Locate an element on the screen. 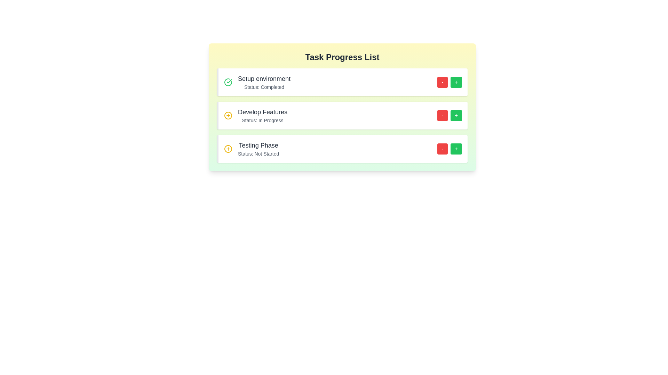 This screenshot has height=375, width=668. the increase button for the task 'Testing Phase' is located at coordinates (456, 148).